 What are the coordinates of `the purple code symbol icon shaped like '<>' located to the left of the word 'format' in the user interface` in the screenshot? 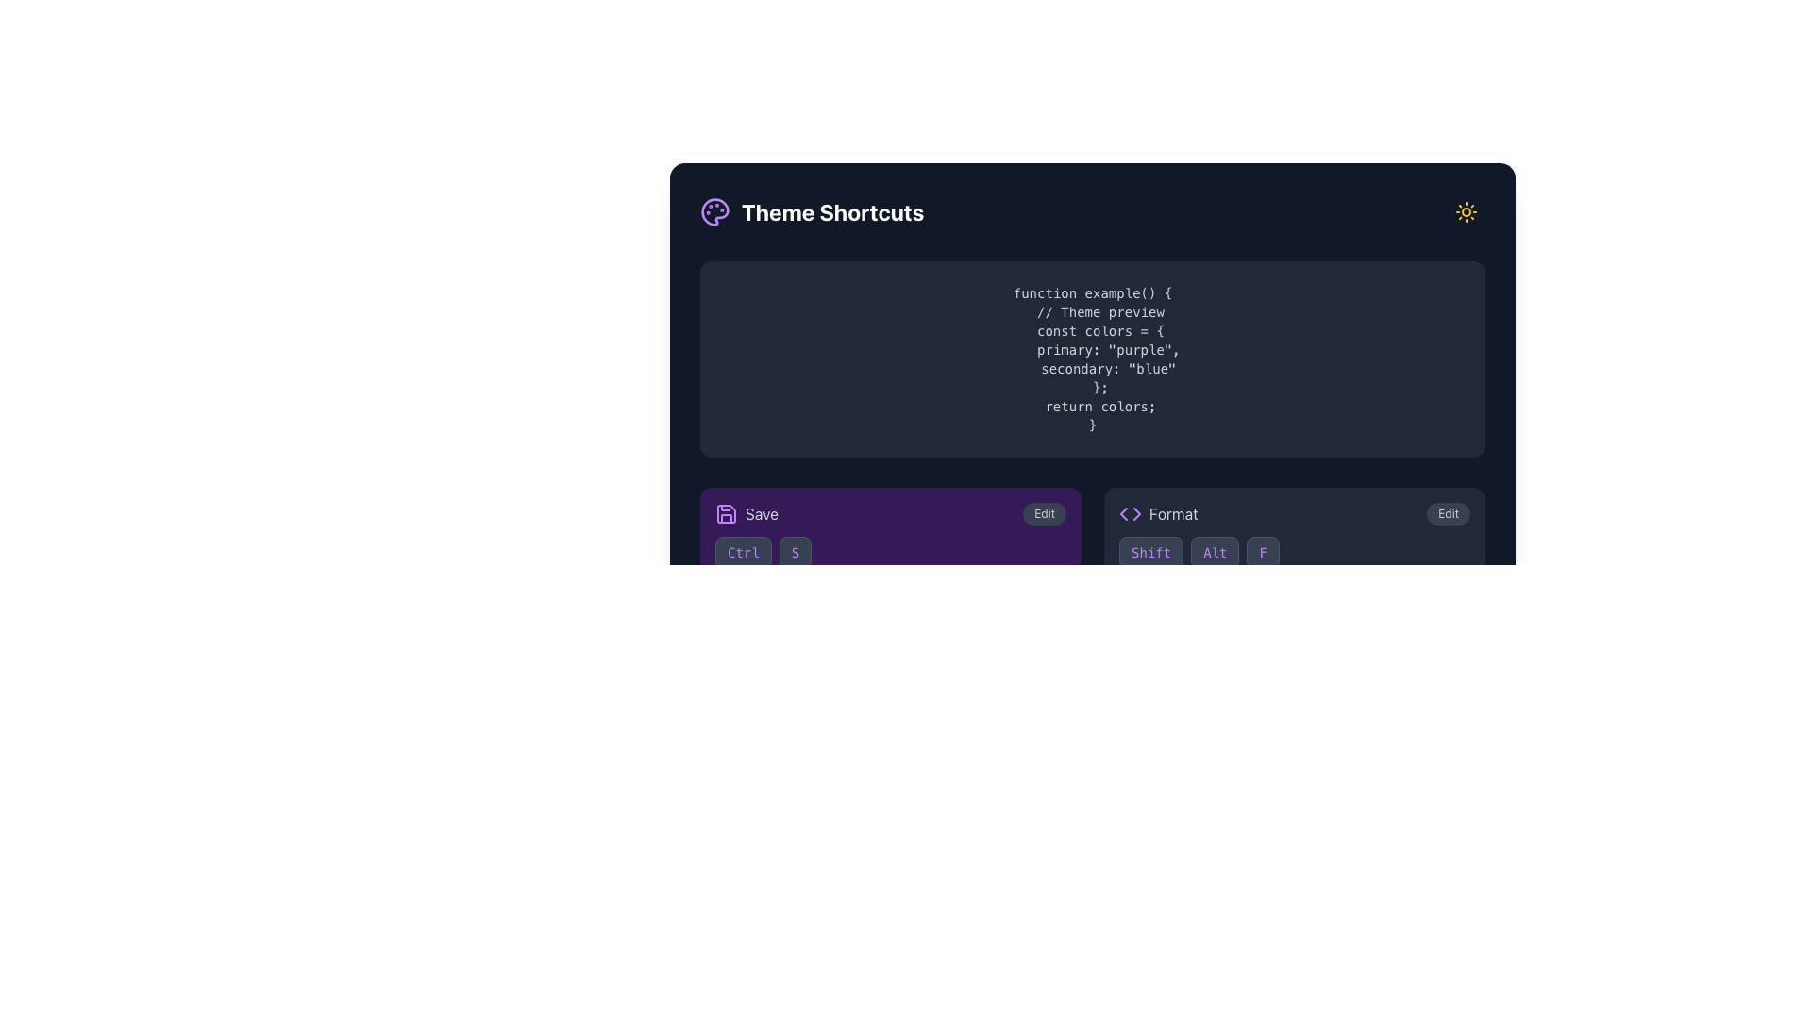 It's located at (1131, 513).